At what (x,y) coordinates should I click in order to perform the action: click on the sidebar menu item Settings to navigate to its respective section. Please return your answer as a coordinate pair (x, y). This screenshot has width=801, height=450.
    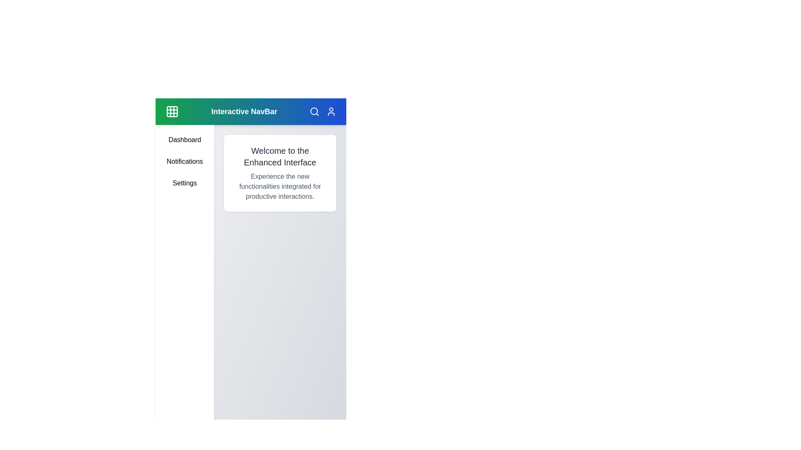
    Looking at the image, I should click on (184, 182).